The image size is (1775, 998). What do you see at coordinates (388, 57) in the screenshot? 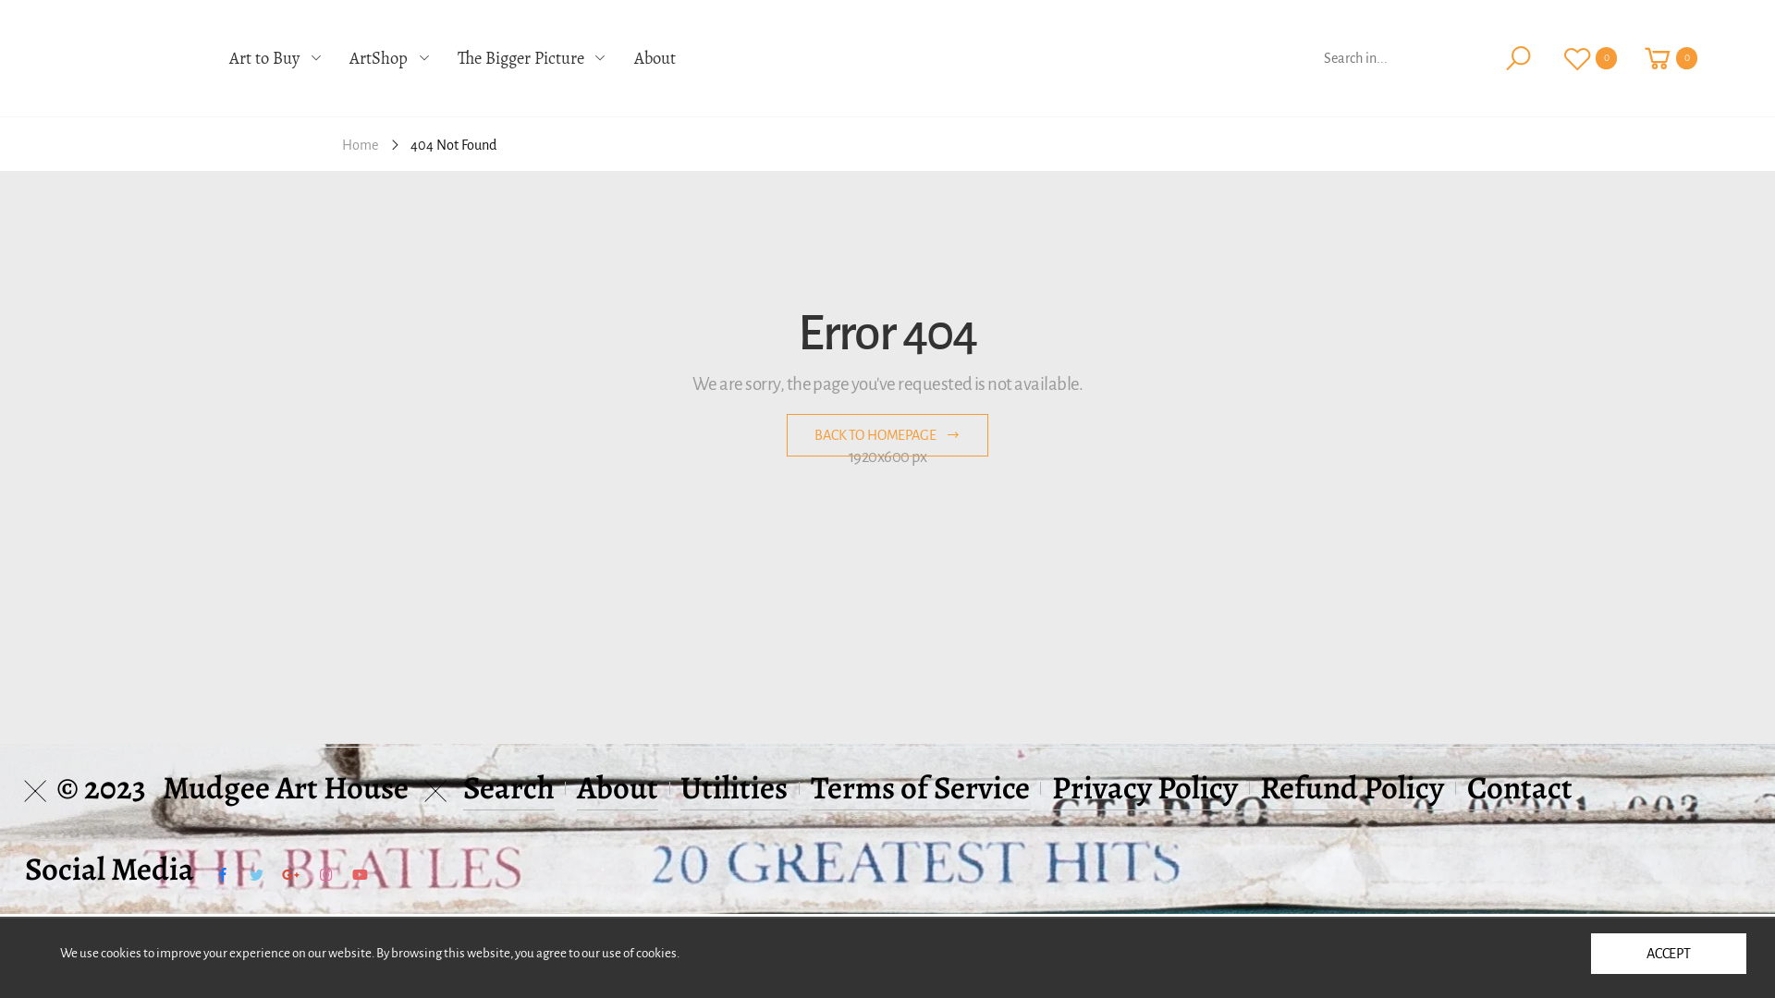
I see `'ArtShop'` at bounding box center [388, 57].